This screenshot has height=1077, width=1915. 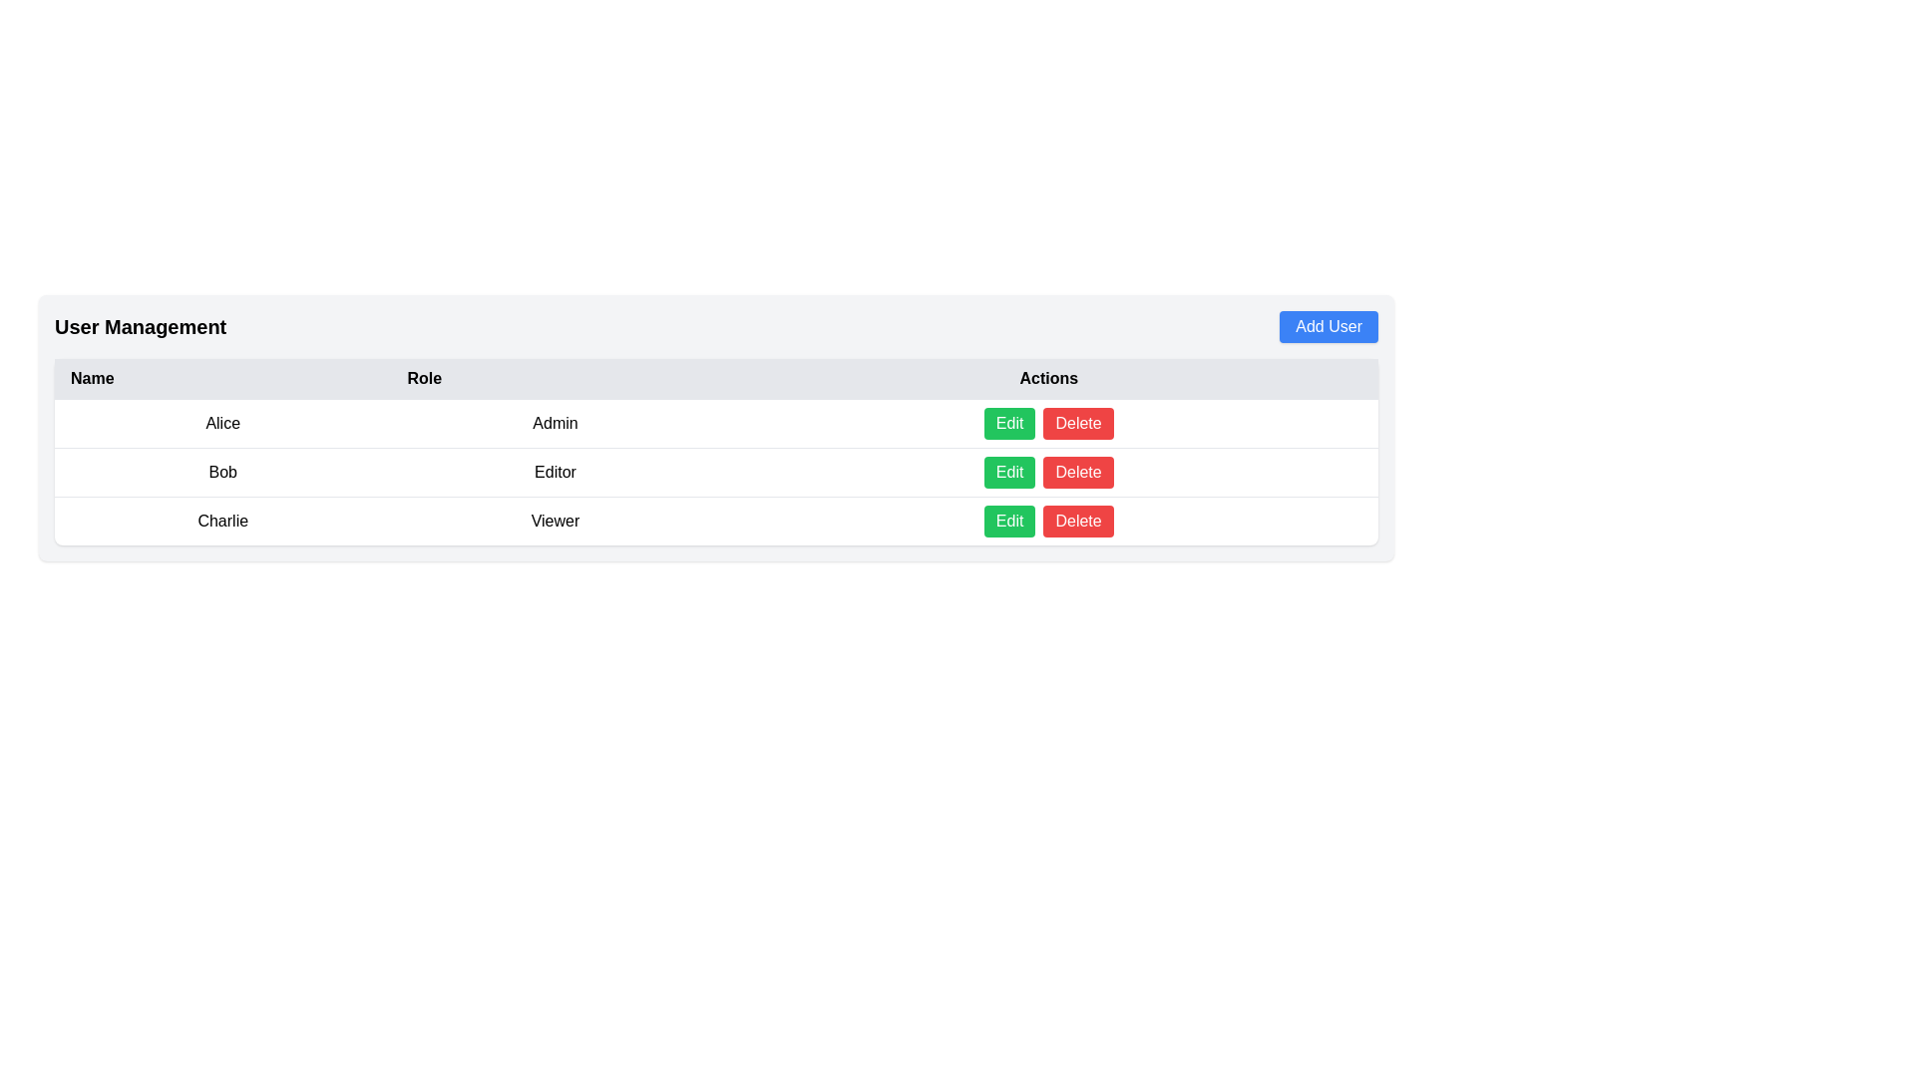 I want to click on the label indicating the role associated with the user 'Bob' in the second row of the table in the 'Role' column, so click(x=555, y=473).